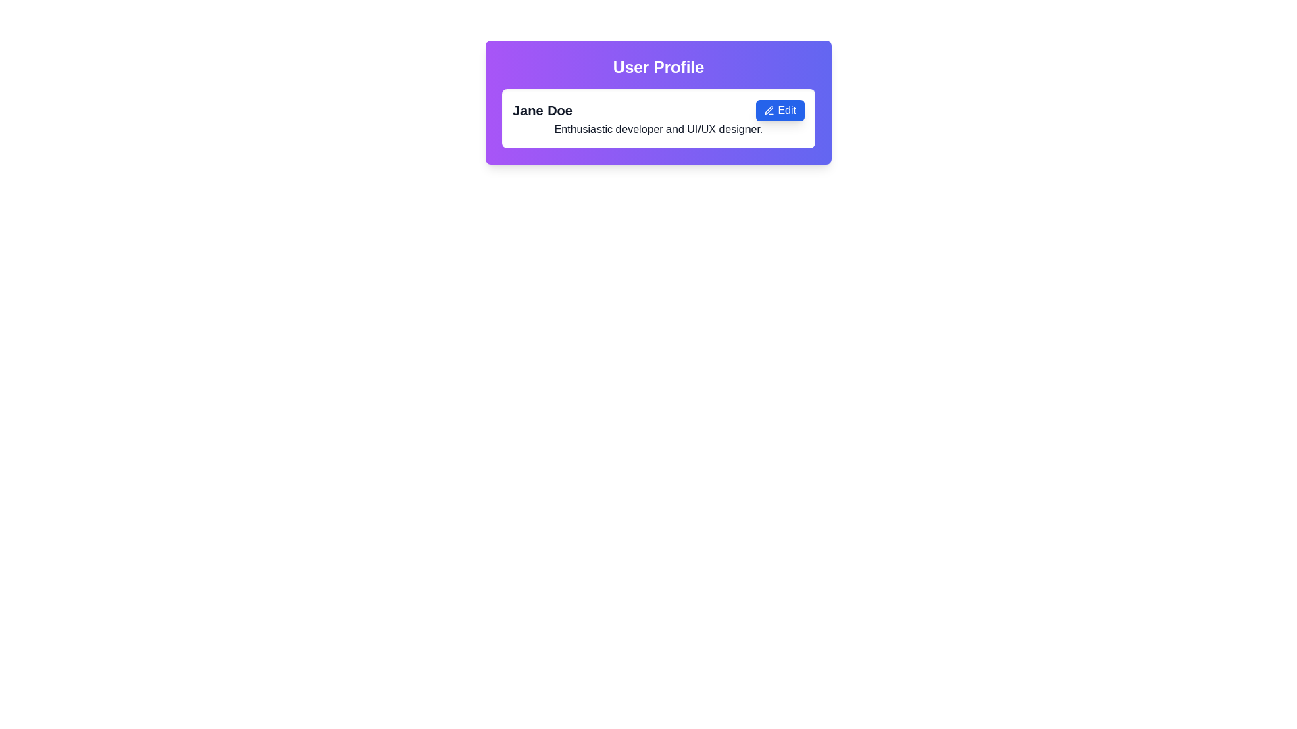 The width and height of the screenshot is (1297, 729). I want to click on the blue pen-like icon within the 'Edit' button located adjacent to the 'Jane Doe' text label in the 'User Profile' card component, so click(769, 110).